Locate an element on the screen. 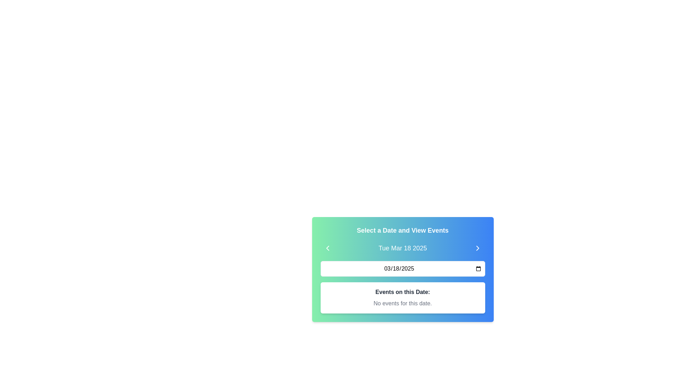 Image resolution: width=681 pixels, height=383 pixels. the informational panel that displays event-related information for the selected date, indicating no events for the specified date is located at coordinates (403, 298).